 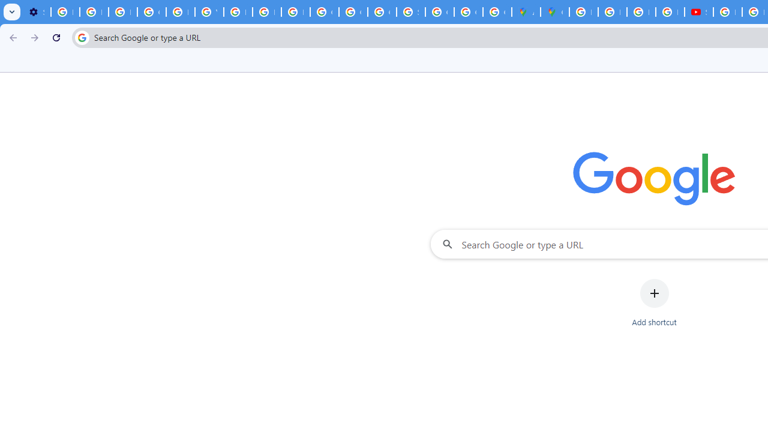 What do you see at coordinates (554, 12) in the screenshot?
I see `'Google Maps'` at bounding box center [554, 12].